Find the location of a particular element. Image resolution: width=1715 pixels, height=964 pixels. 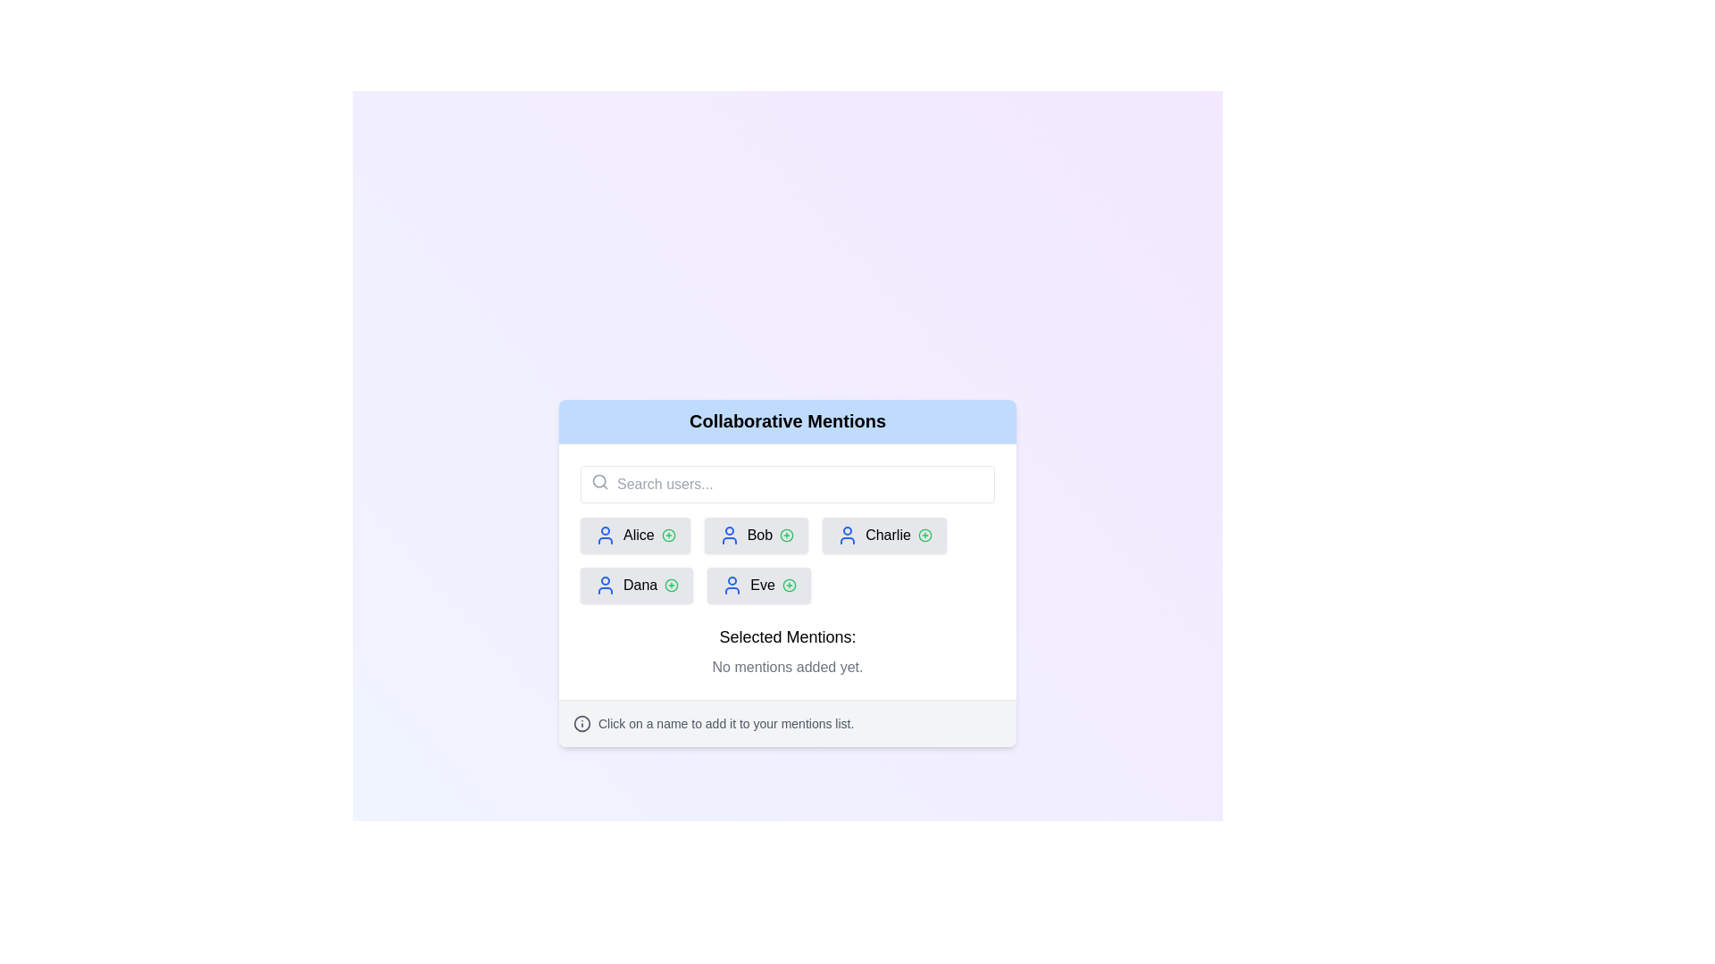

the user selection button labeled 'Bob', which is a rectangular button with a light gray background, a blue user icon on the left, and a green circle with a plus symbol on the right, located under the 'Collaborative Mentions' heading is located at coordinates (756, 534).